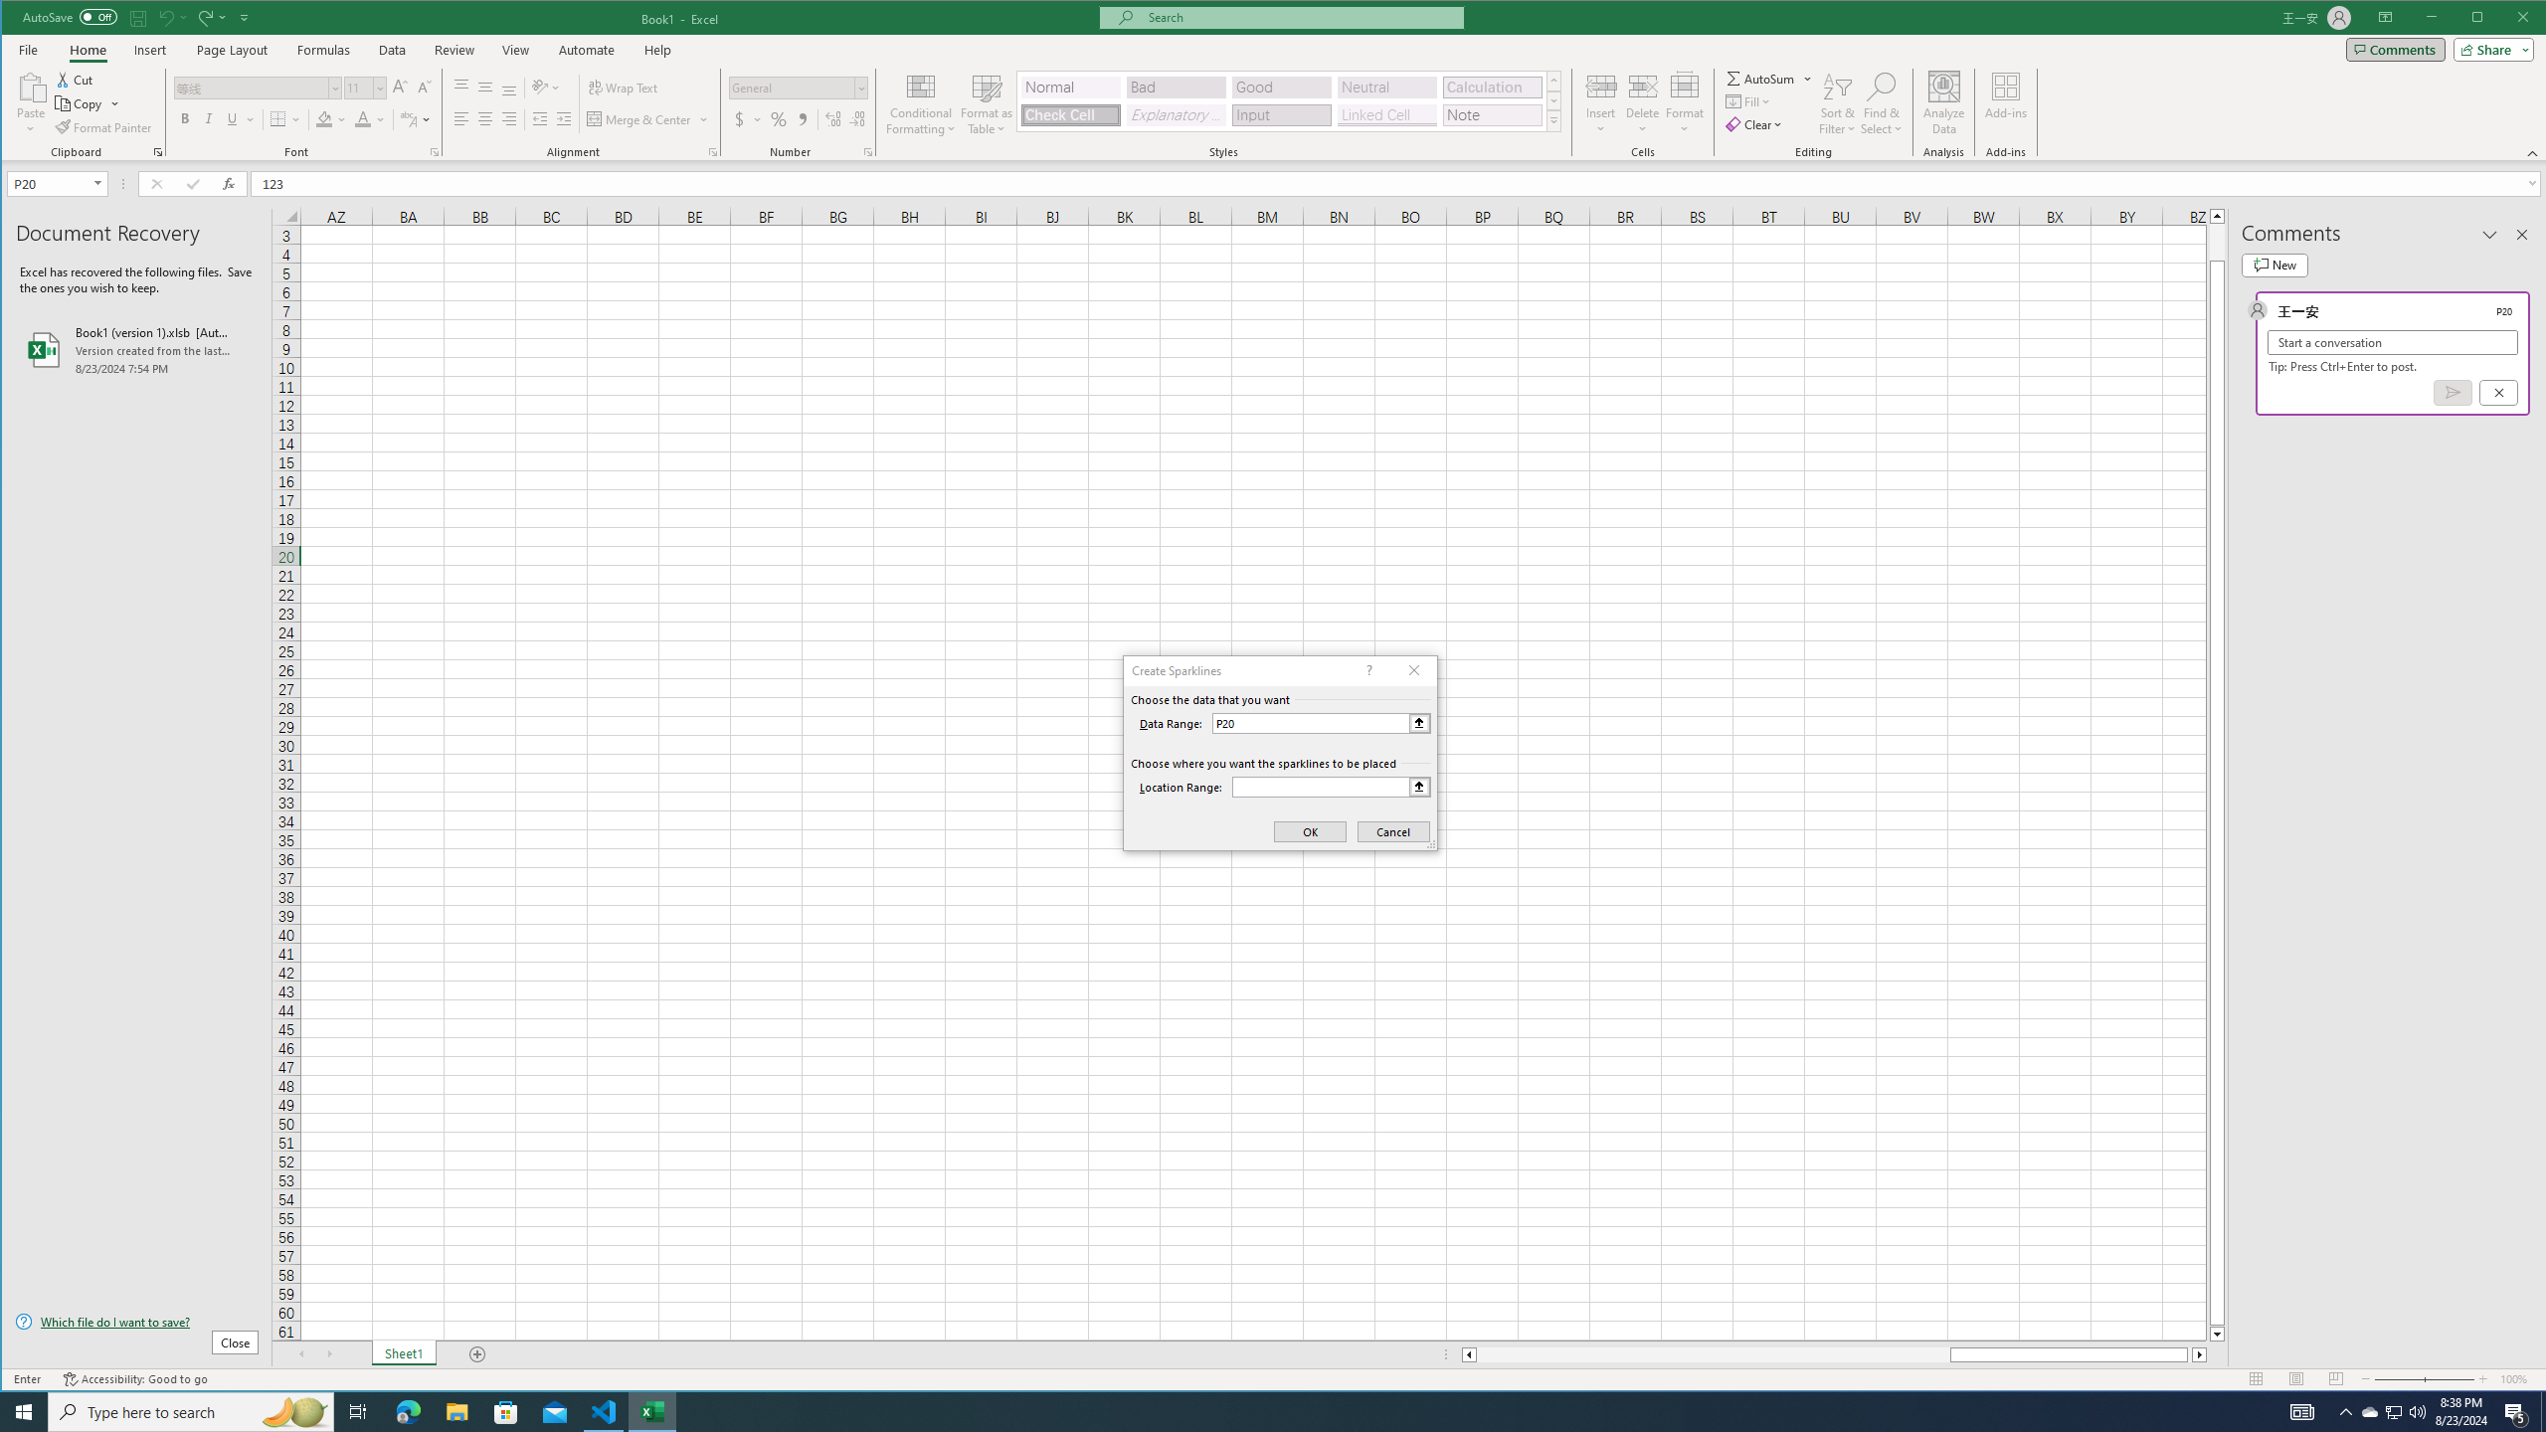 Image resolution: width=2546 pixels, height=1432 pixels. What do you see at coordinates (364, 87) in the screenshot?
I see `'Font Size'` at bounding box center [364, 87].